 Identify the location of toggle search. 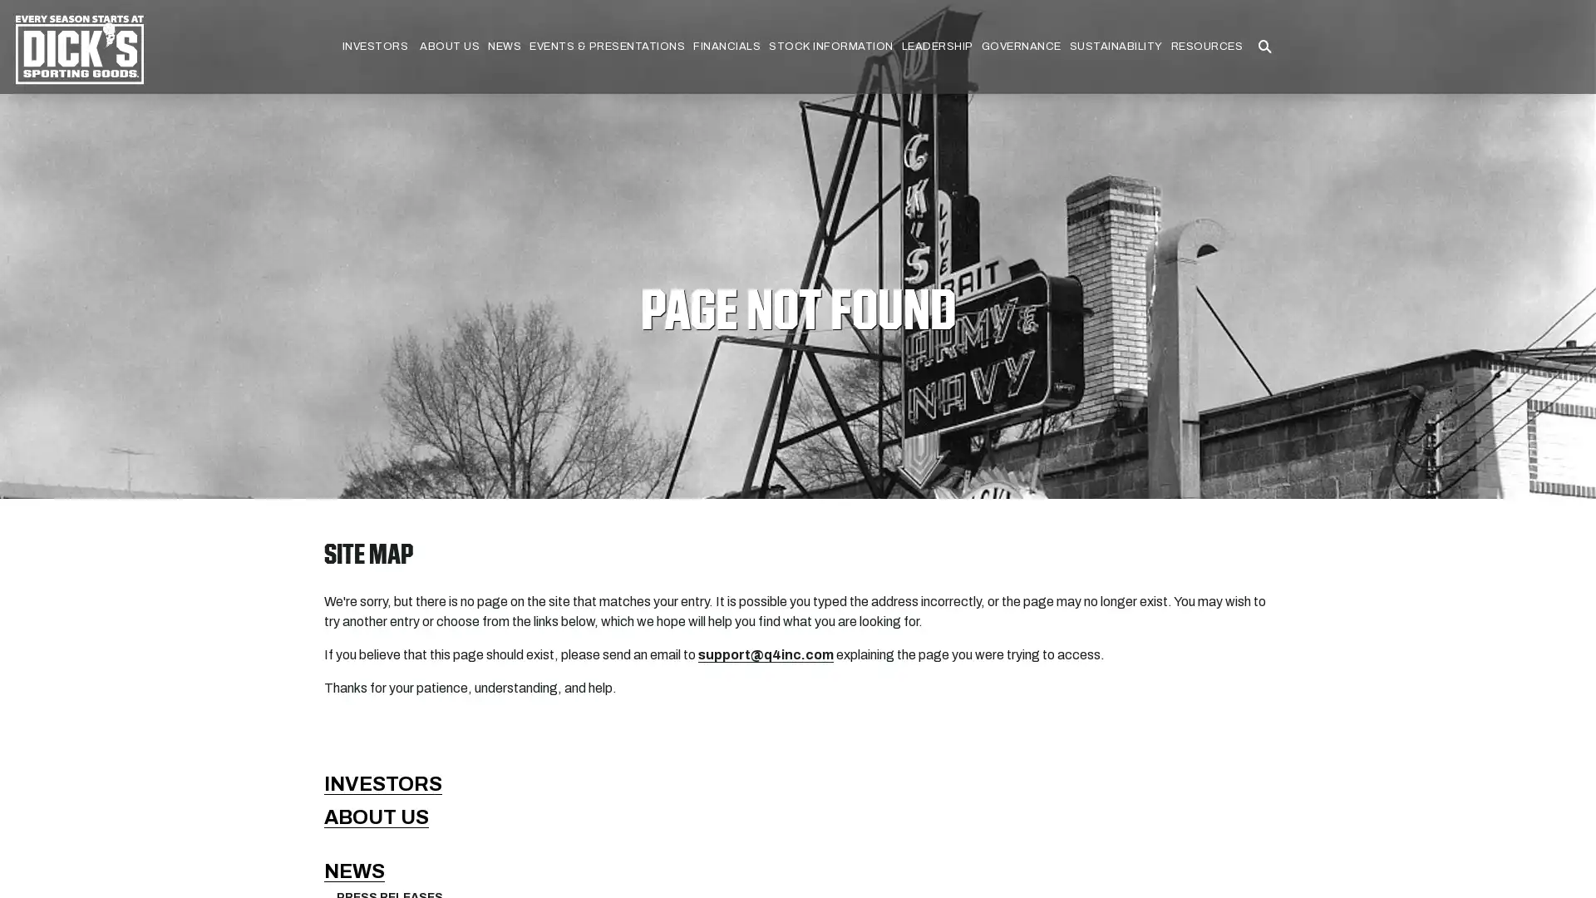
(1263, 46).